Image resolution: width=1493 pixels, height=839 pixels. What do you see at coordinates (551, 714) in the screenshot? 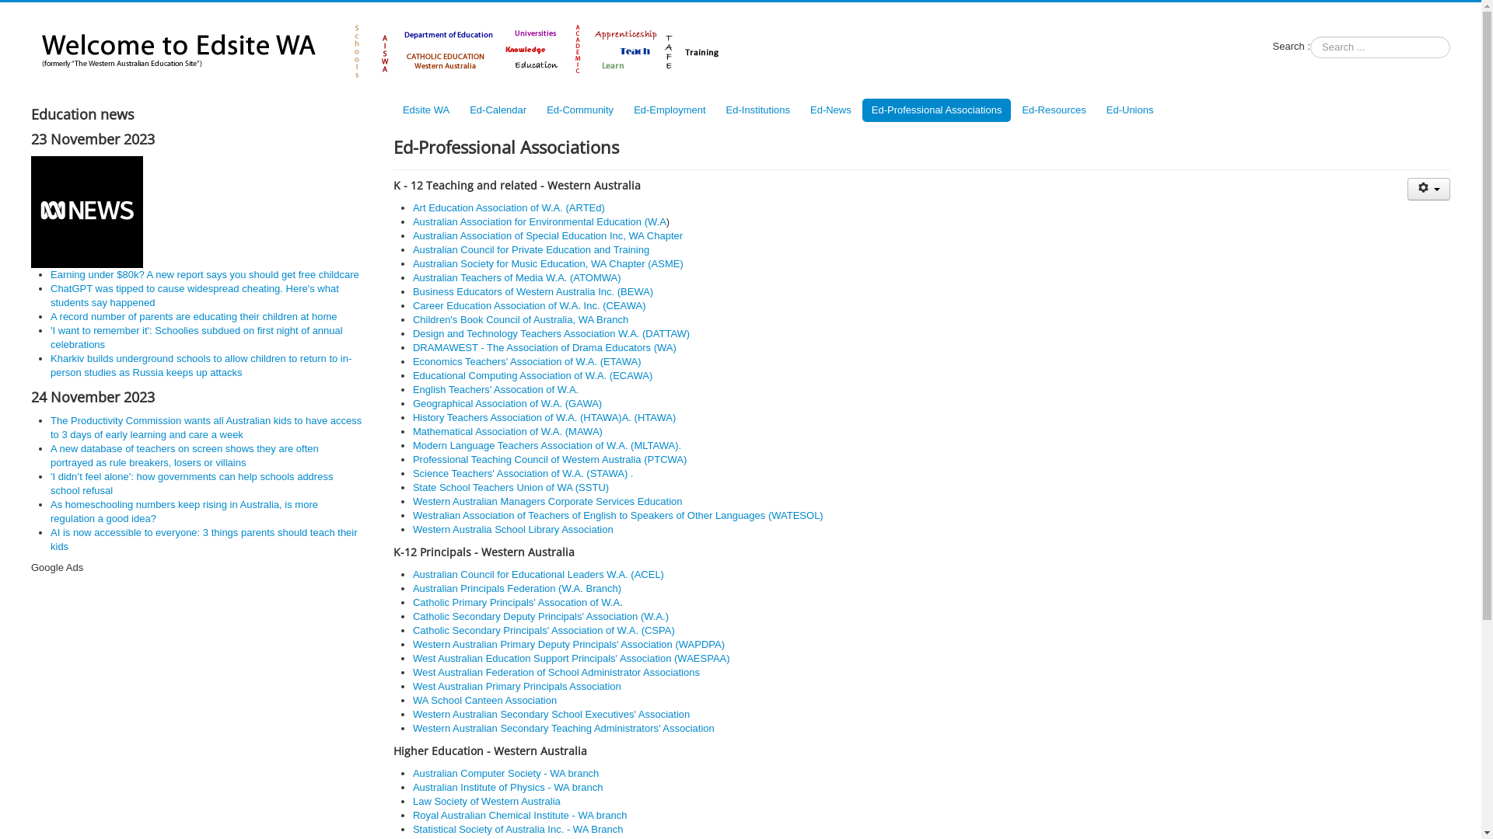
I see `'Western Australian Secondary School Executives' Association'` at bounding box center [551, 714].